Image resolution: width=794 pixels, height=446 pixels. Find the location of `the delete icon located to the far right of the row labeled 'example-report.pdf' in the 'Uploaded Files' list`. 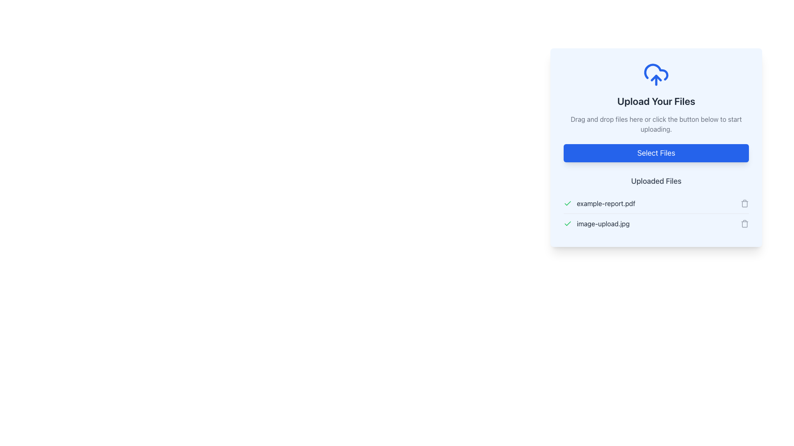

the delete icon located to the far right of the row labeled 'example-report.pdf' in the 'Uploaded Files' list is located at coordinates (744, 204).